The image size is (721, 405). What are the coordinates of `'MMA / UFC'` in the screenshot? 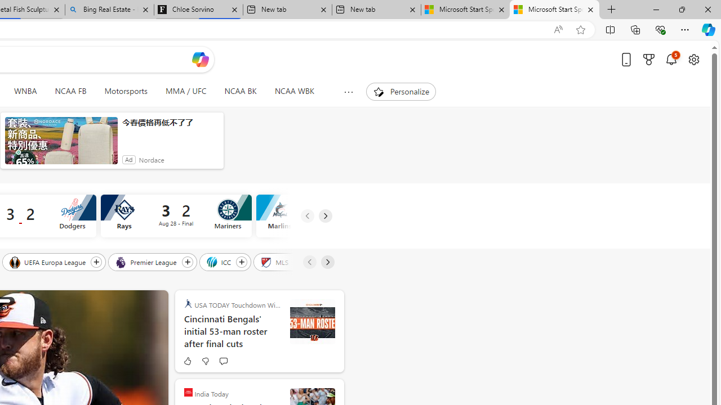 It's located at (186, 91).